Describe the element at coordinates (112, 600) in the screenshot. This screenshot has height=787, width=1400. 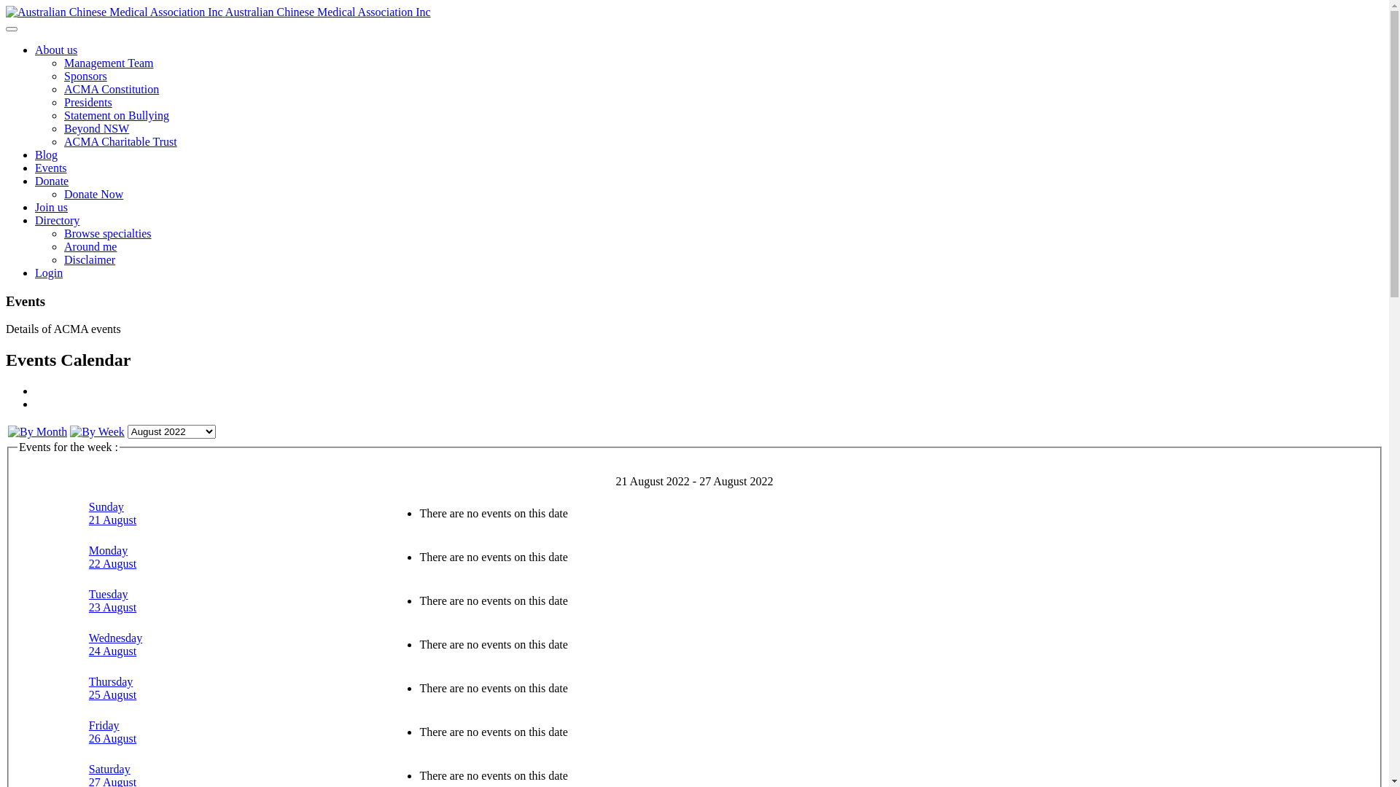
I see `'Tuesday` at that location.